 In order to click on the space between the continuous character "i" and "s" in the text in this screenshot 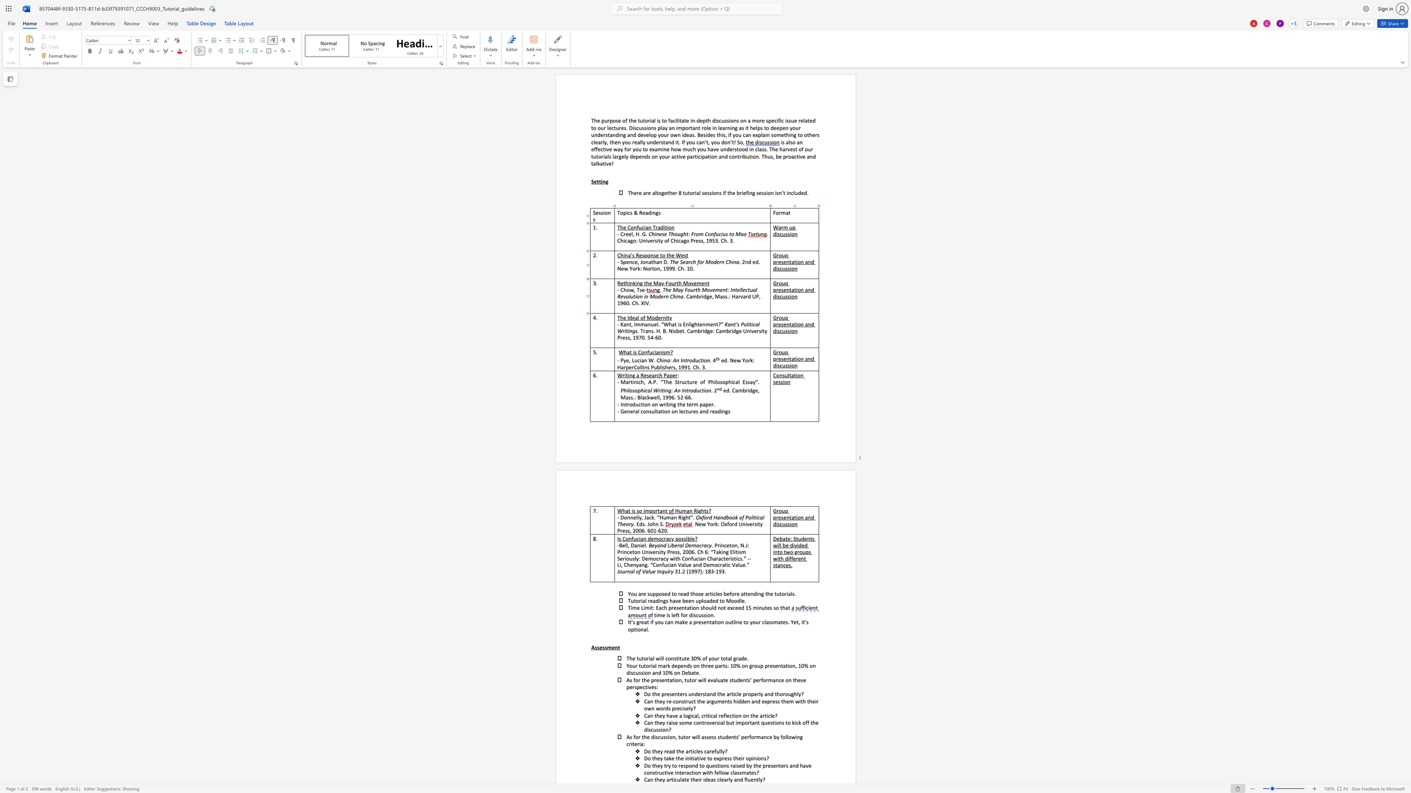, I will do `click(777, 330)`.